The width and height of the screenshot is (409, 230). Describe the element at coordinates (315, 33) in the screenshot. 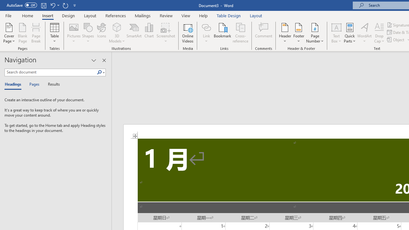

I see `'Page Number'` at that location.